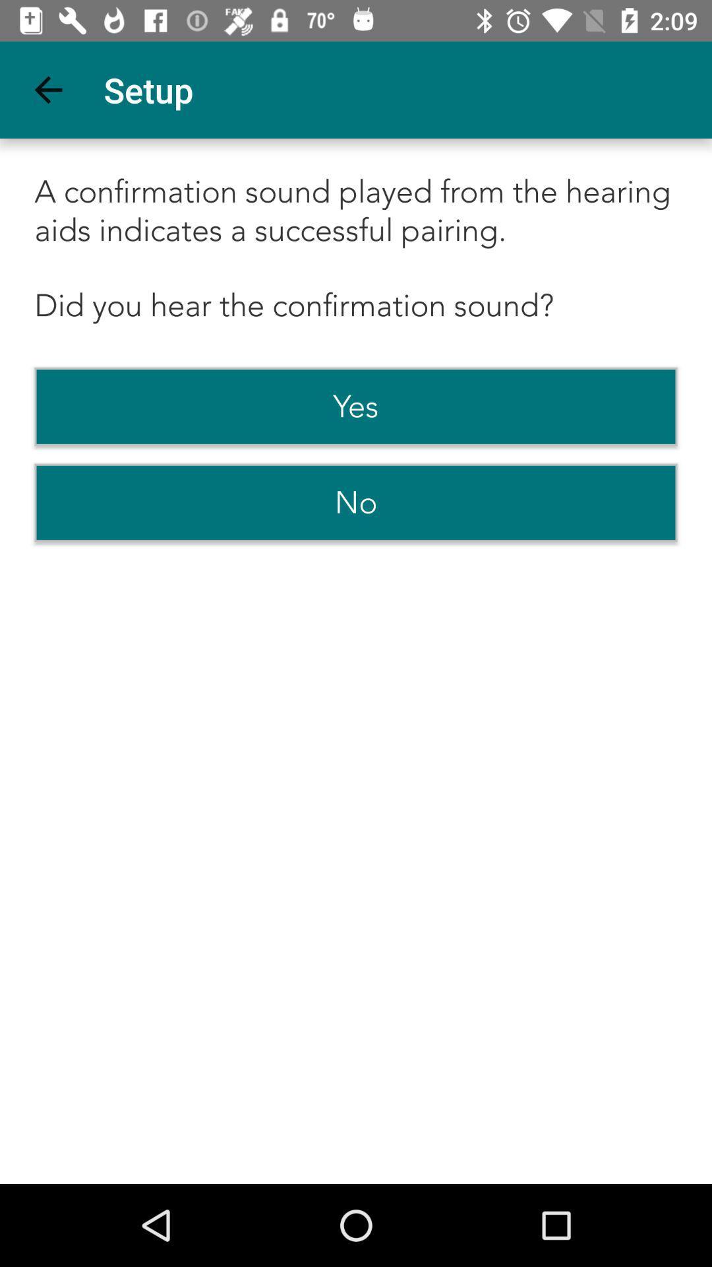 The image size is (712, 1267). What do you see at coordinates (356, 406) in the screenshot?
I see `the item below a confirmation sound` at bounding box center [356, 406].